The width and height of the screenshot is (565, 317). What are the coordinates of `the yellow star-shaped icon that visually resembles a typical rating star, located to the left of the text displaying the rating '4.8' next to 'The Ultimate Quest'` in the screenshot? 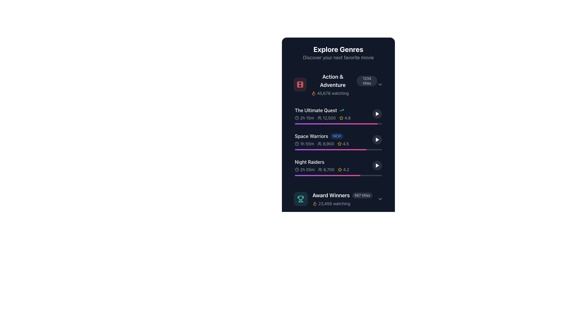 It's located at (341, 118).